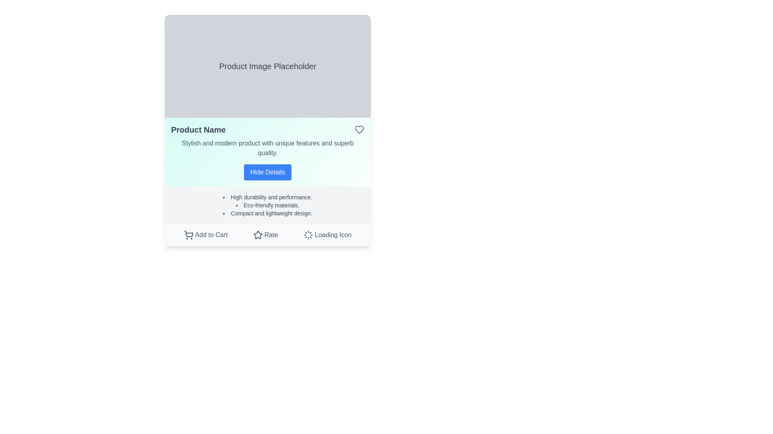  What do you see at coordinates (265, 235) in the screenshot?
I see `the Interactive Button with Icon and Text that contains a star icon and the text 'Rate'` at bounding box center [265, 235].